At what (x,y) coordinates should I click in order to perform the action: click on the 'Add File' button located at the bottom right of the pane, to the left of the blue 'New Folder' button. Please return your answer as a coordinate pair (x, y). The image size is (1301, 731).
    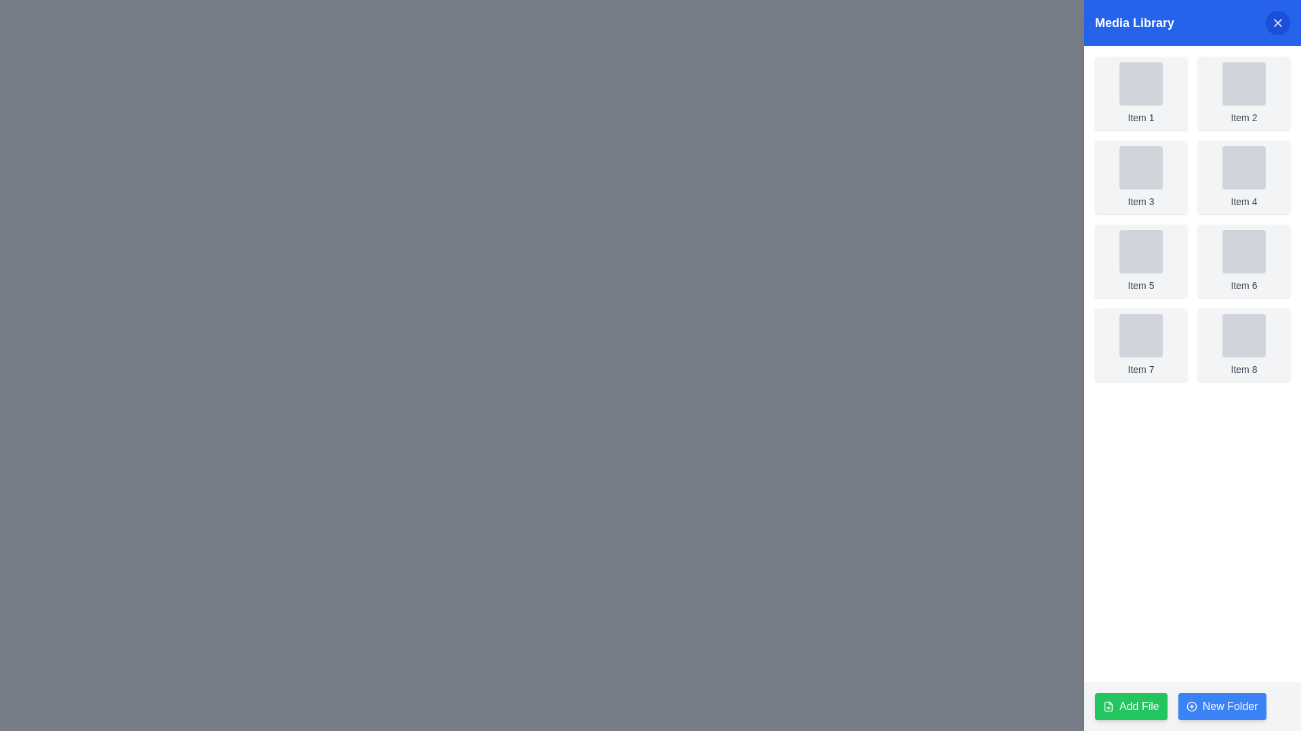
    Looking at the image, I should click on (1131, 706).